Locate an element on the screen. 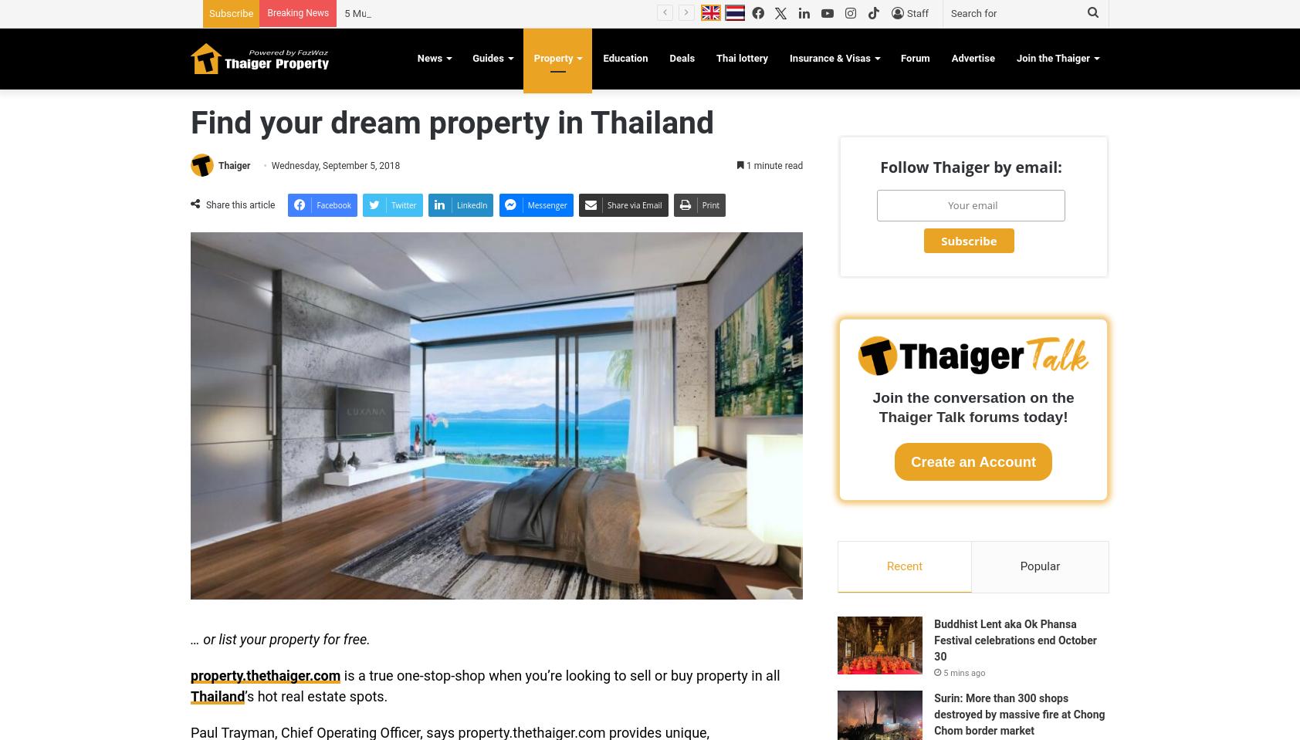 The width and height of the screenshot is (1300, 740). 'Wednesday, September 5, 2018' is located at coordinates (334, 166).